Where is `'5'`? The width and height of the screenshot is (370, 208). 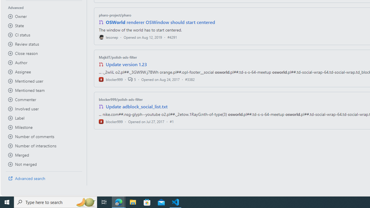 '5' is located at coordinates (132, 79).